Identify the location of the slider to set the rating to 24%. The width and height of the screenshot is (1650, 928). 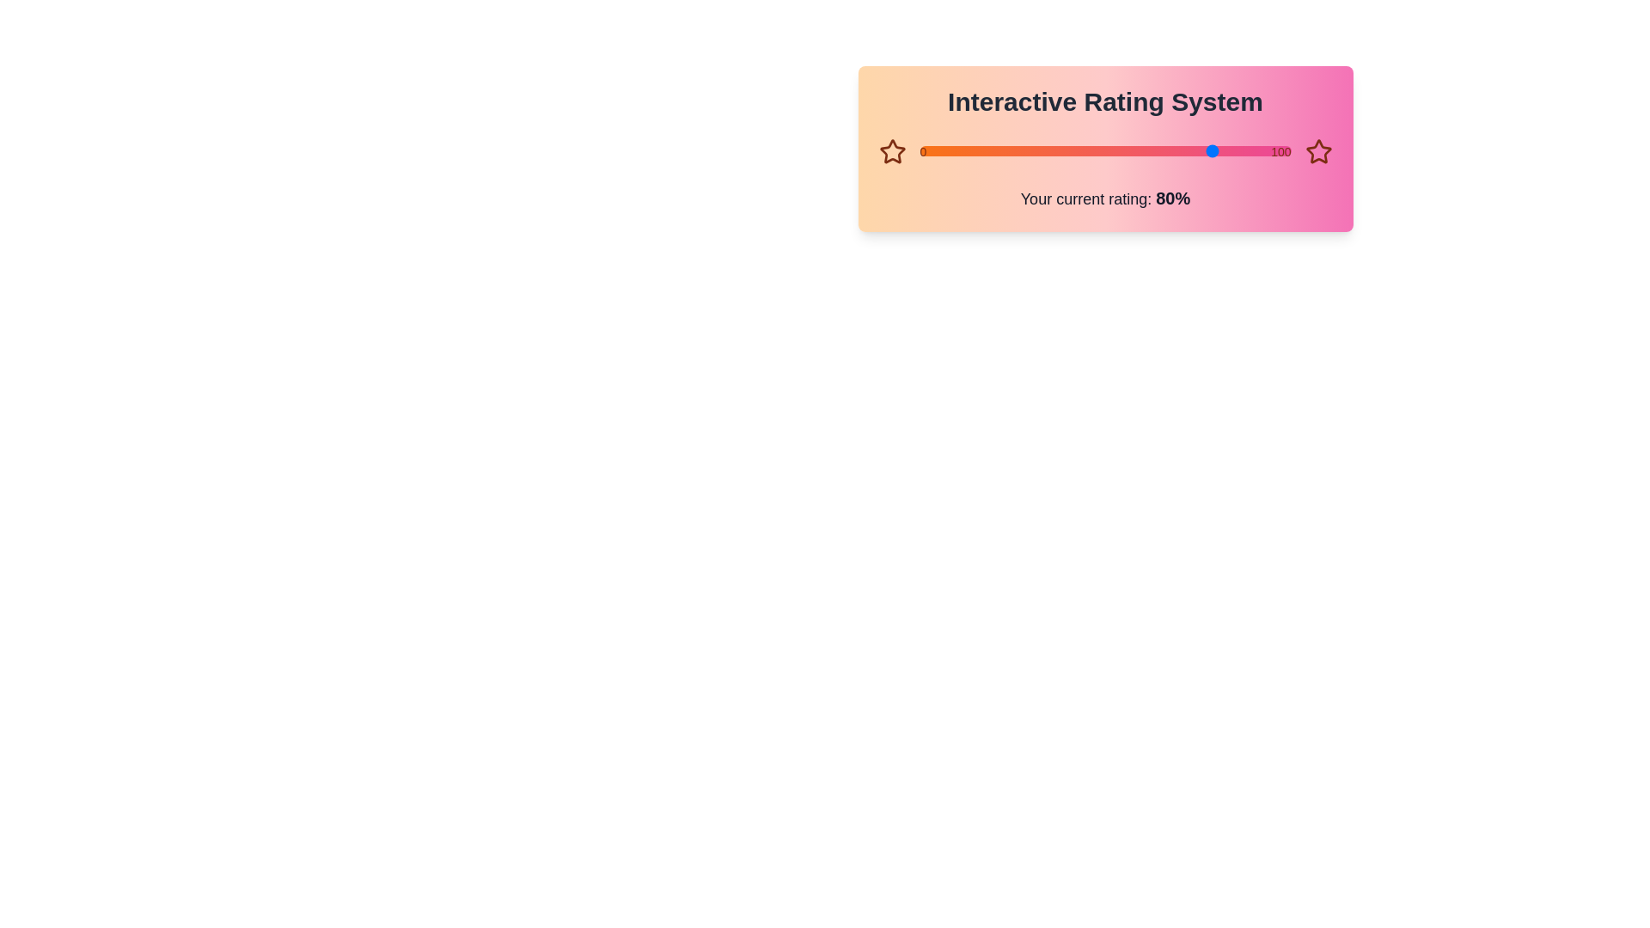
(919, 150).